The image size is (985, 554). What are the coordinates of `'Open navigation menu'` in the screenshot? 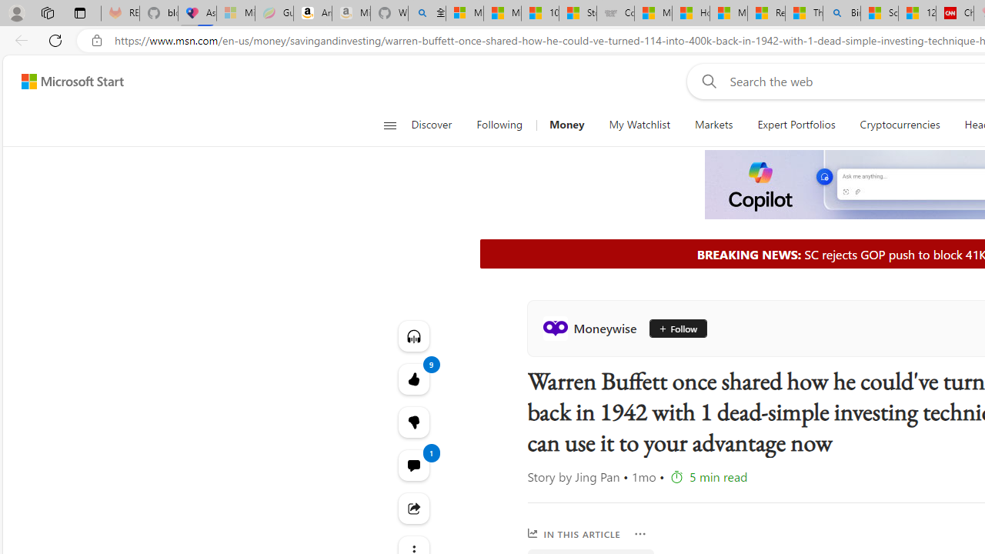 It's located at (389, 125).